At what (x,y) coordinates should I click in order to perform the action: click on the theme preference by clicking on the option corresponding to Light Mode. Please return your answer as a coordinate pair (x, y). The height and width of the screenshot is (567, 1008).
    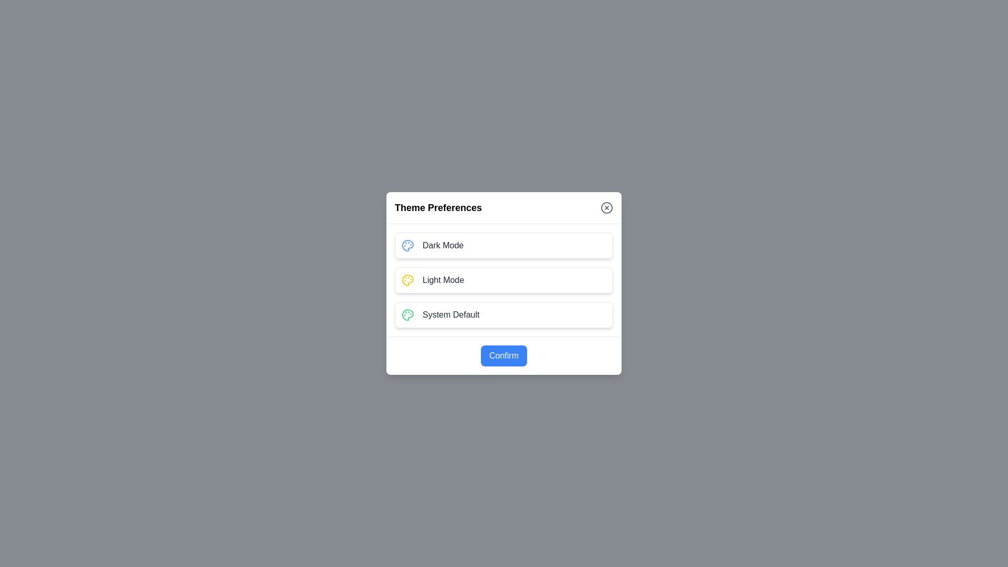
    Looking at the image, I should click on (504, 279).